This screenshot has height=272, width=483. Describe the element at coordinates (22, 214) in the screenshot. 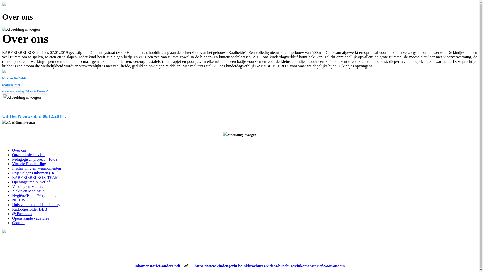

I see `'@ Facebook'` at that location.